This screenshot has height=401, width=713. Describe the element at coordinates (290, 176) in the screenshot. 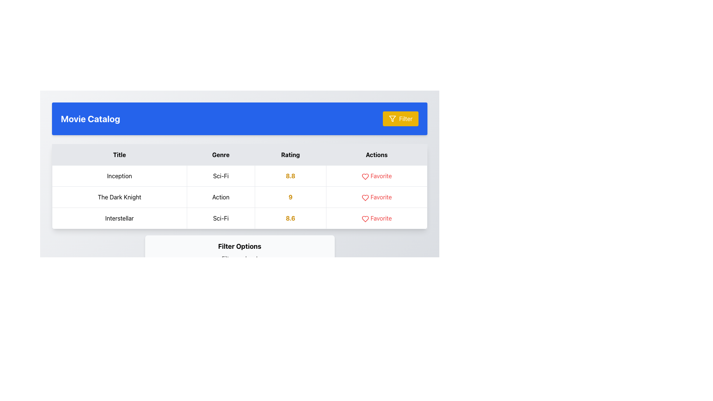

I see `the text label displaying the numerical rating for the movie 'Inception', which is located in the third cell of the first row under the 'Rating' header` at that location.